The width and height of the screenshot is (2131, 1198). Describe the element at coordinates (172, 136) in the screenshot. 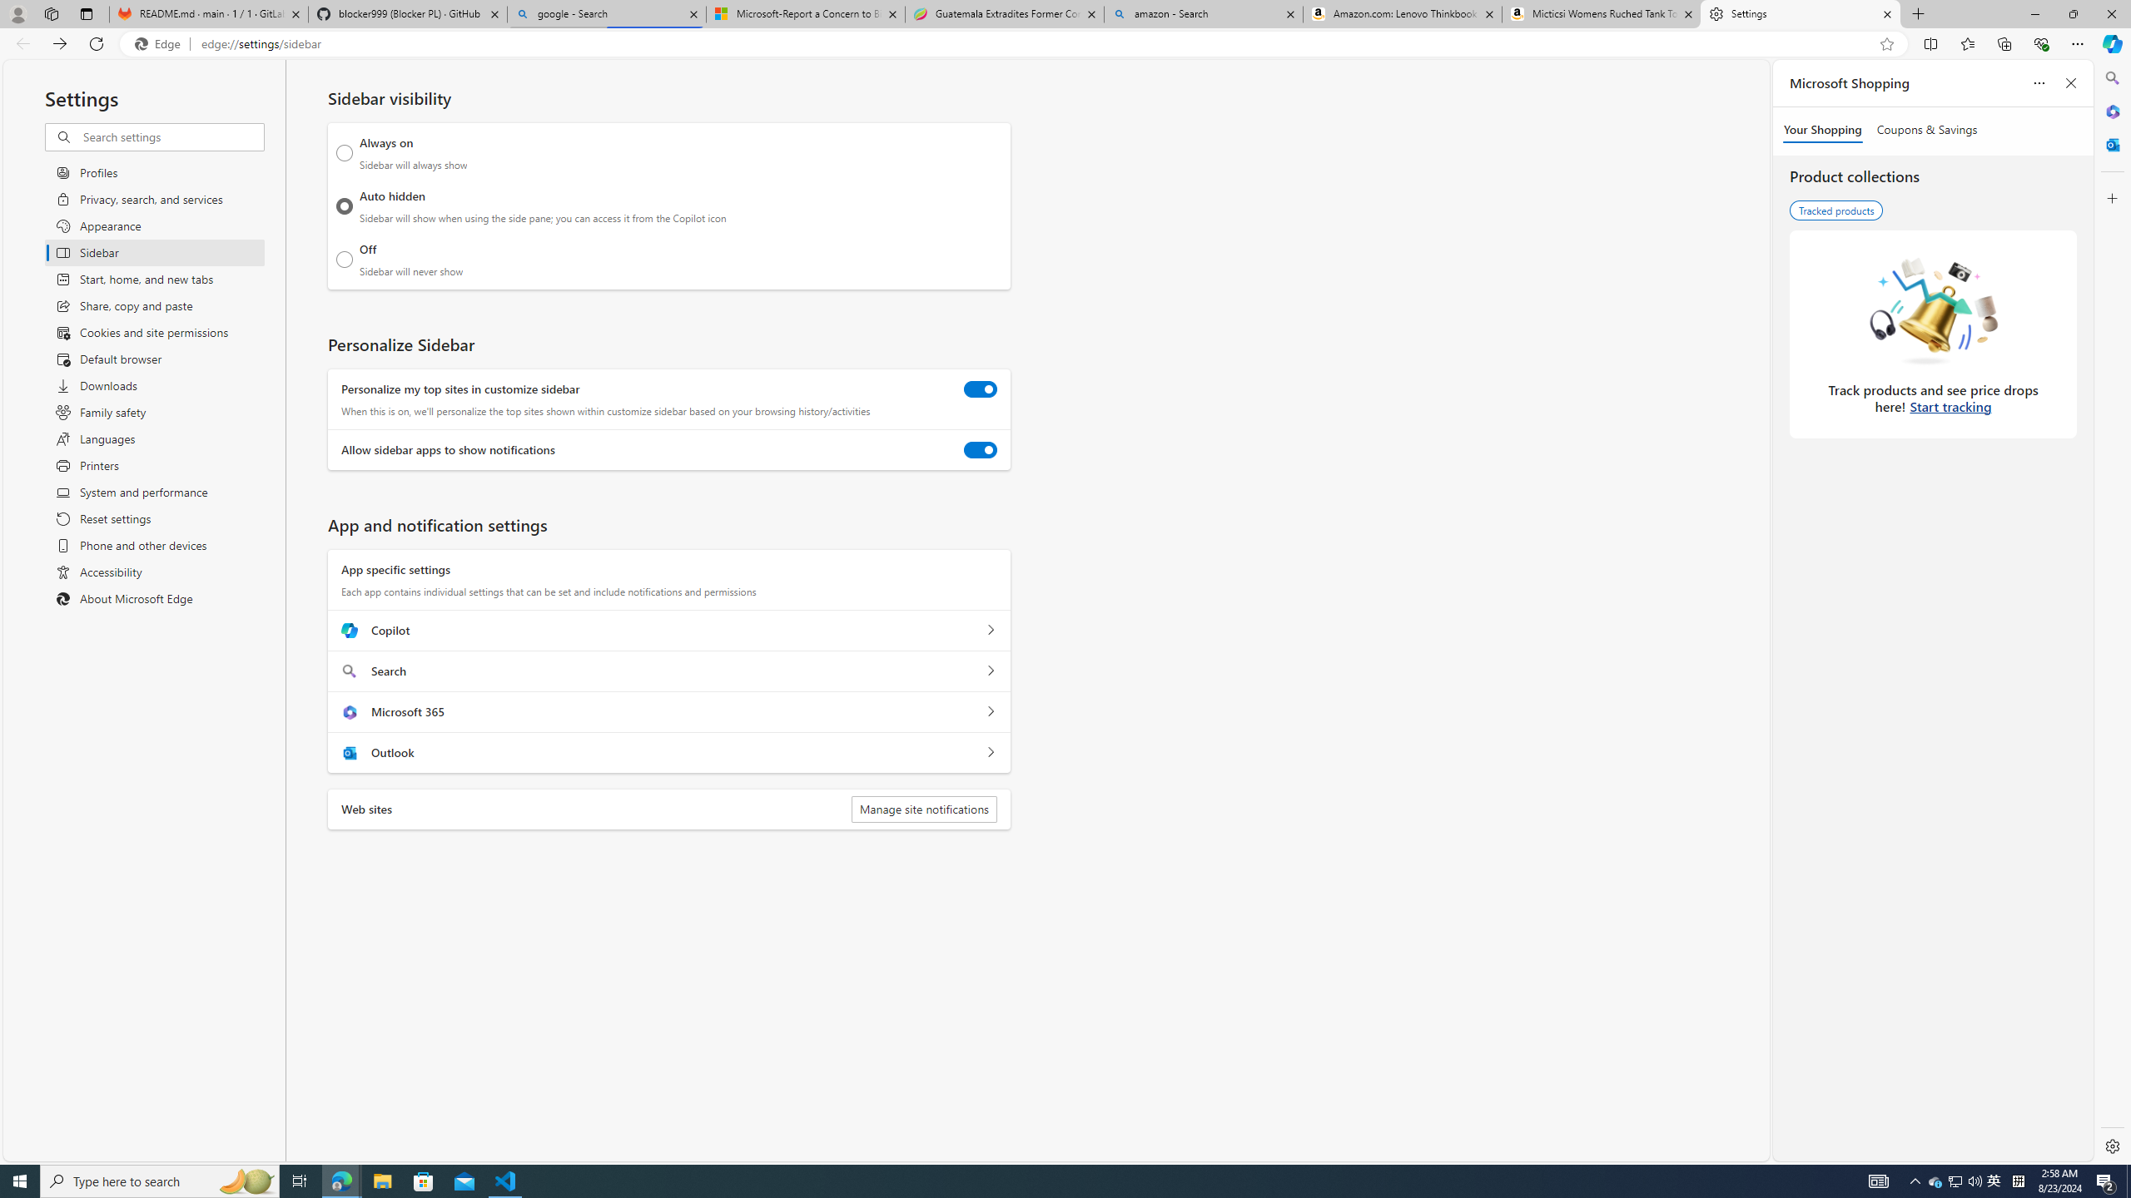

I see `'Search settings'` at that location.